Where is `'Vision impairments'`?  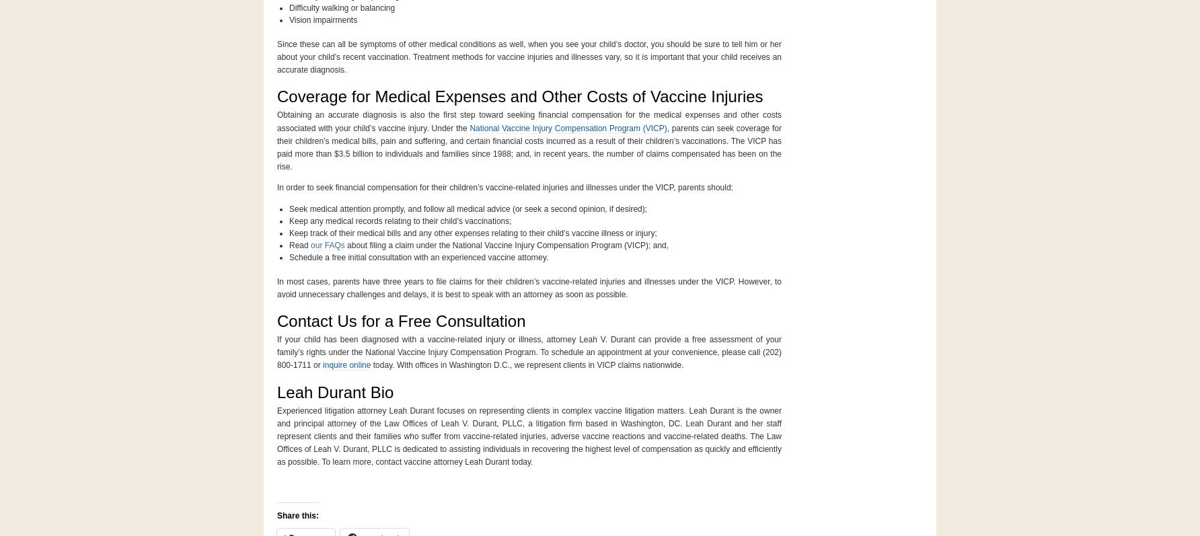 'Vision impairments' is located at coordinates (323, 19).